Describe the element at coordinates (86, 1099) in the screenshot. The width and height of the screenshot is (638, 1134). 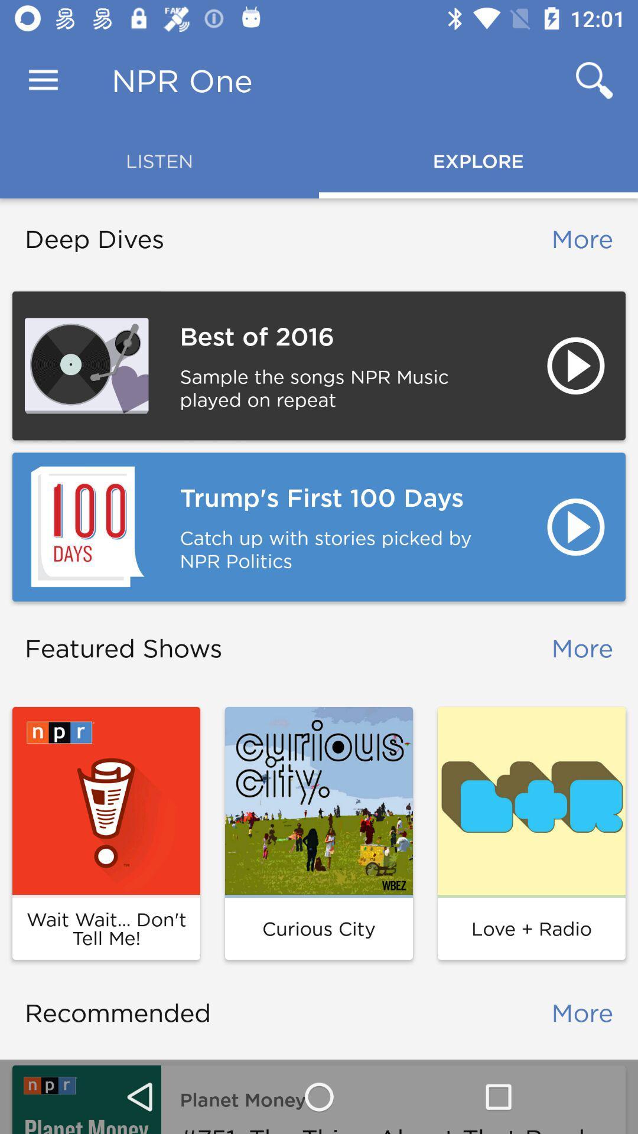
I see `the icon next to the planet money` at that location.